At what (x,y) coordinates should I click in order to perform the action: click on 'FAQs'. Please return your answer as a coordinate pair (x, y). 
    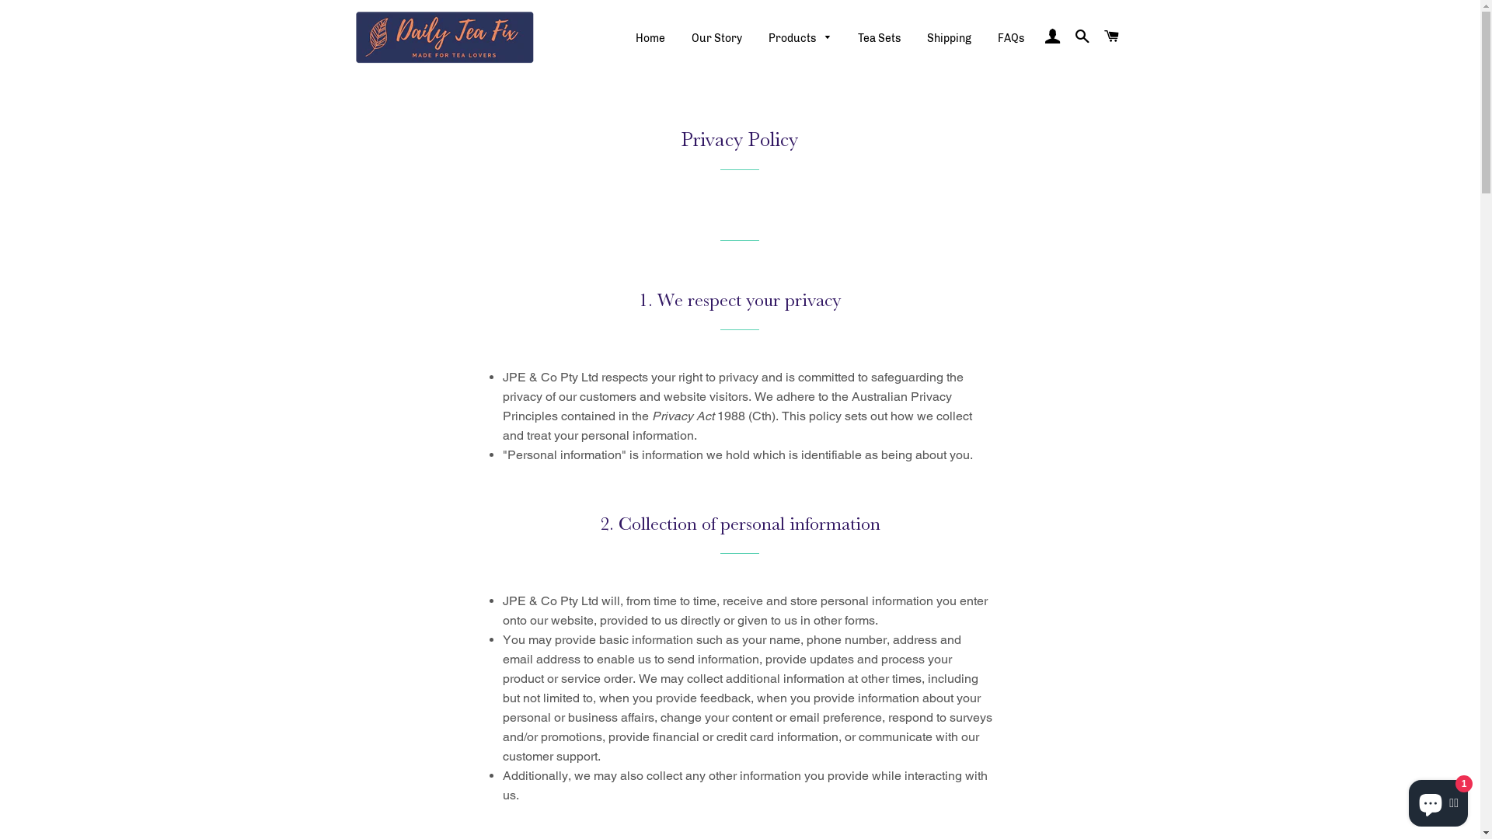
    Looking at the image, I should click on (1010, 38).